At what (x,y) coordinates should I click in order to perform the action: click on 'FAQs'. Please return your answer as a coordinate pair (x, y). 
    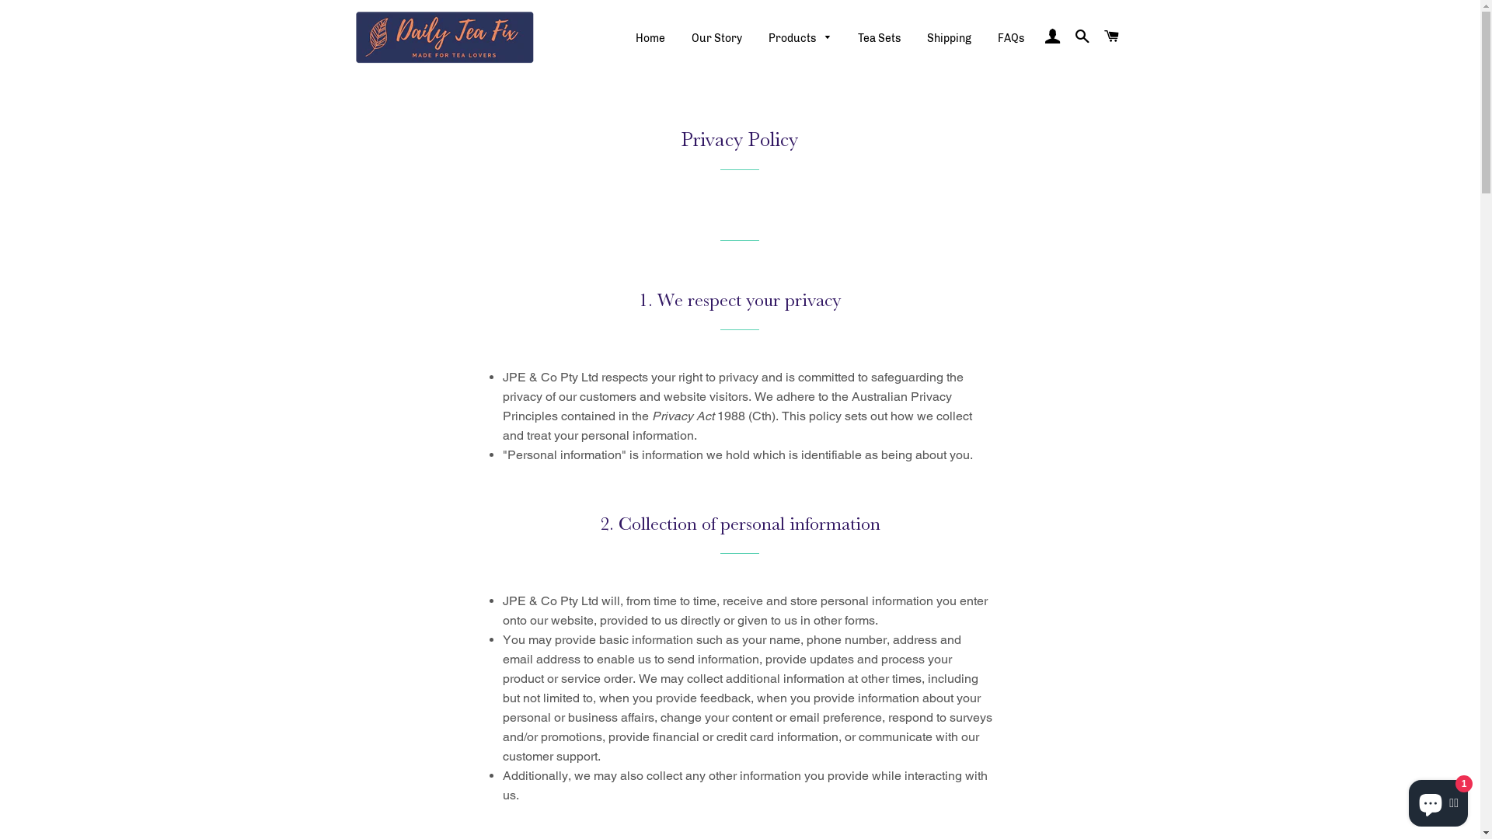
    Looking at the image, I should click on (1010, 38).